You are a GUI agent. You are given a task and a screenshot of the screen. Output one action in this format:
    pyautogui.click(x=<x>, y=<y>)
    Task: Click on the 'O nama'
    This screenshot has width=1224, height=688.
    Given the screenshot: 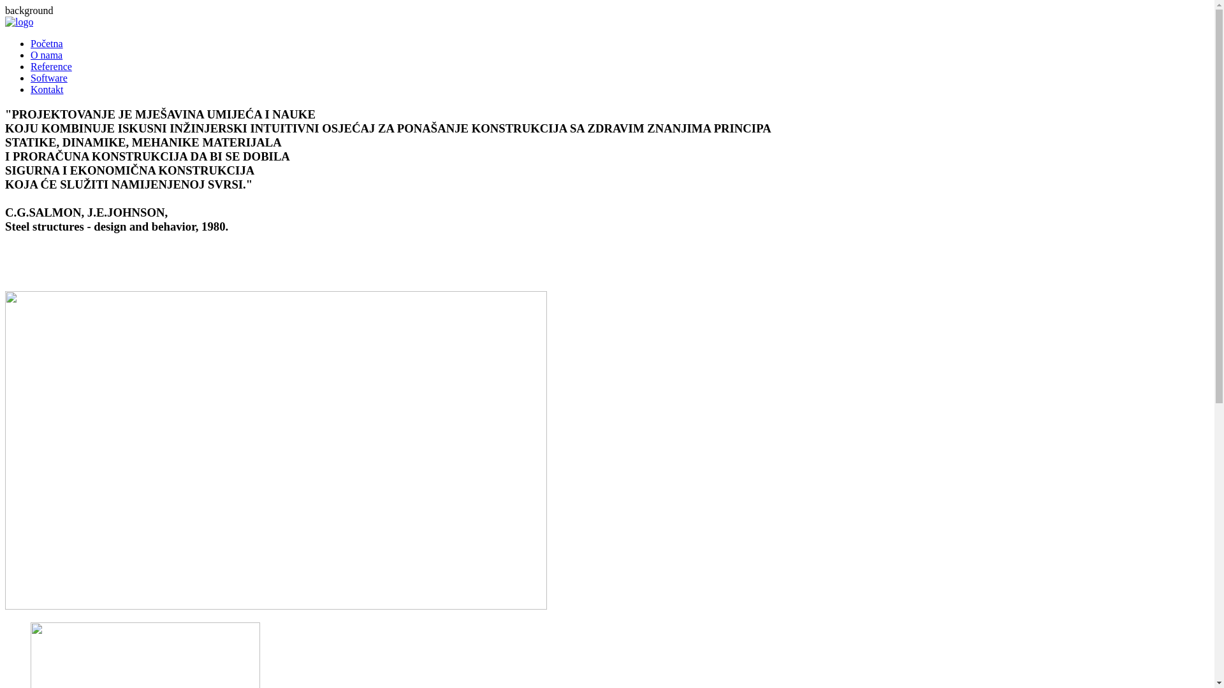 What is the action you would take?
    pyautogui.click(x=46, y=54)
    